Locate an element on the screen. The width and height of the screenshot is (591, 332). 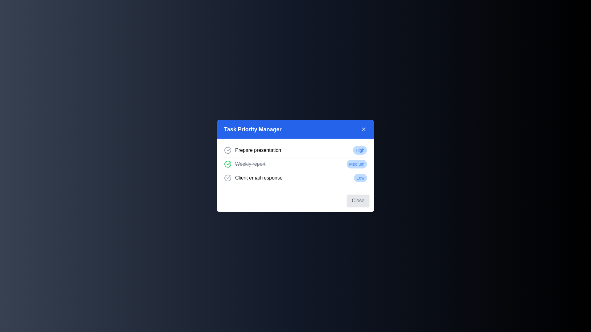
the 'Close' button located at the bottom-right corner of the dialog box is located at coordinates (358, 200).